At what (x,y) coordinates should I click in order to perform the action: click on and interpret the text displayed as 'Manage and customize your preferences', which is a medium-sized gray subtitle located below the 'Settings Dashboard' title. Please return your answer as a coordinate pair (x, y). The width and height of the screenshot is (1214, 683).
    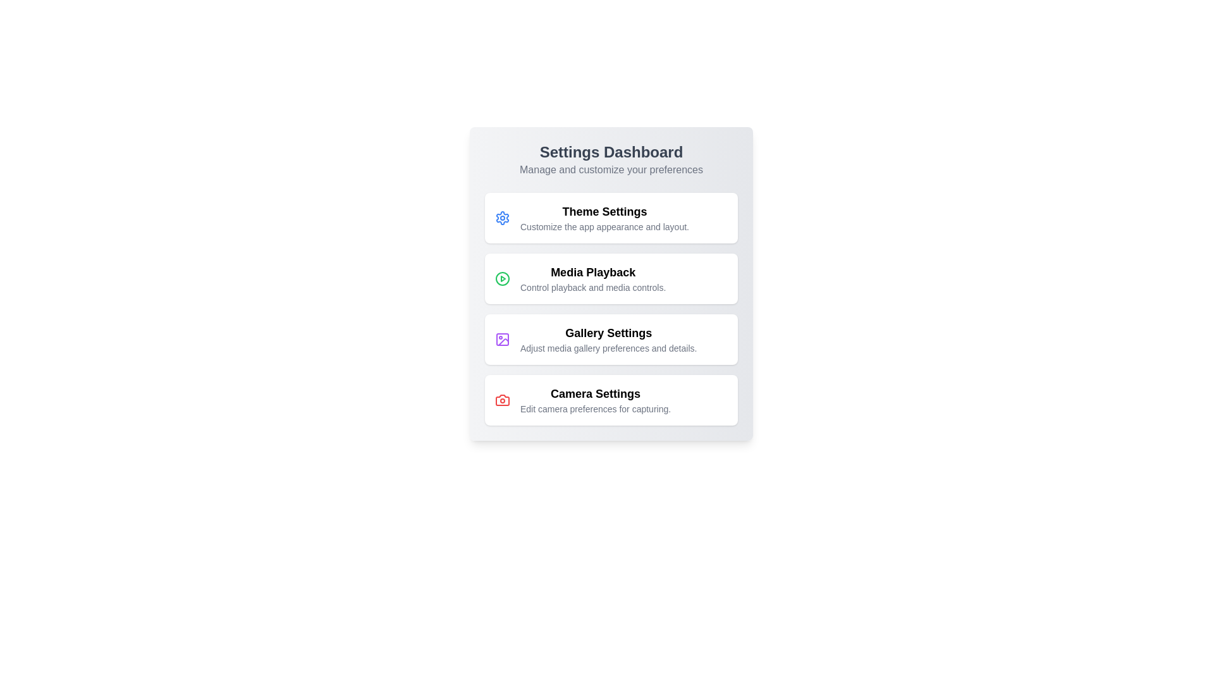
    Looking at the image, I should click on (611, 169).